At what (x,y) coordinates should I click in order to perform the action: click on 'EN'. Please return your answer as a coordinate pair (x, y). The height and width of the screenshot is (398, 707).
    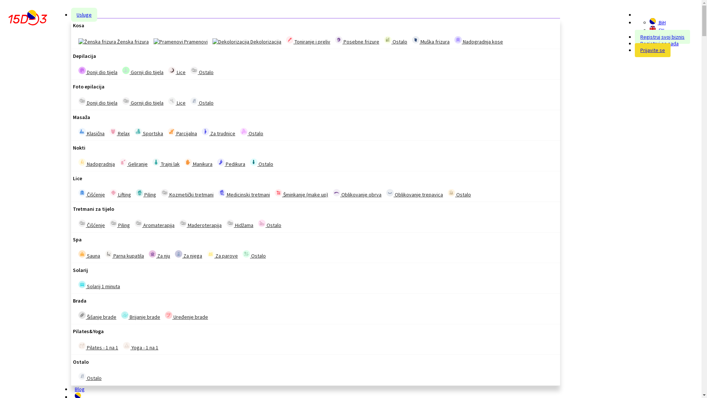
    Looking at the image, I should click on (649, 29).